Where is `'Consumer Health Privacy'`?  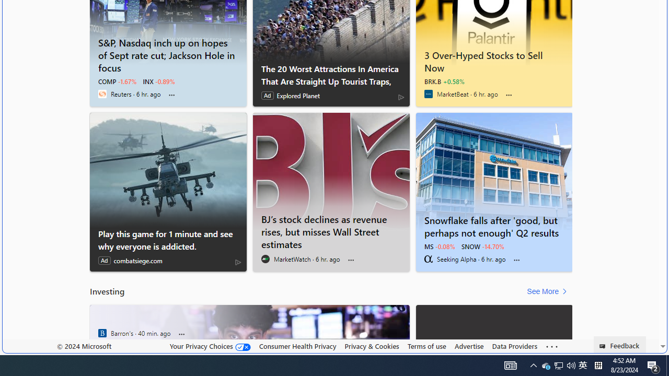 'Consumer Health Privacy' is located at coordinates (297, 346).